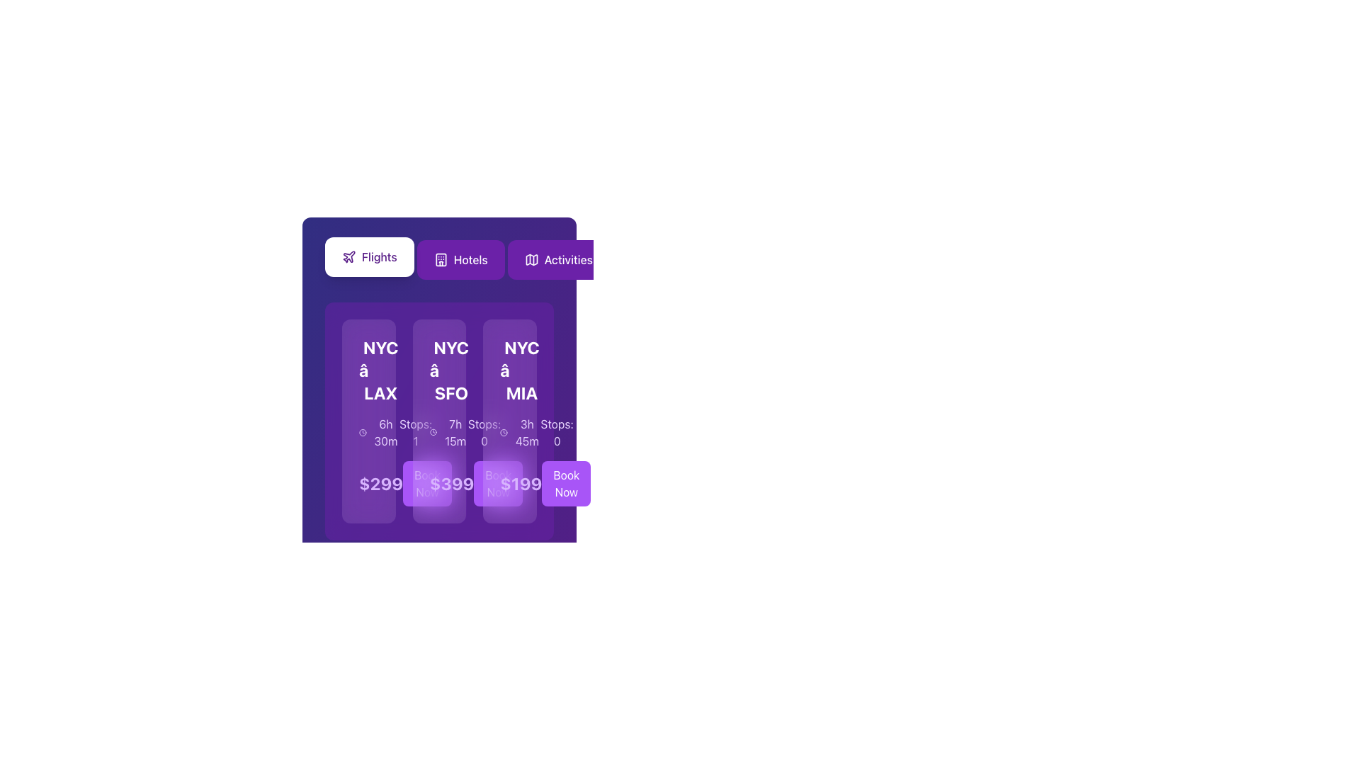 This screenshot has width=1360, height=765. Describe the element at coordinates (379, 431) in the screenshot. I see `the text label that communicates the total duration of the travel route from NYC to LAX, which is positioned below the trip name and above the price section` at that location.